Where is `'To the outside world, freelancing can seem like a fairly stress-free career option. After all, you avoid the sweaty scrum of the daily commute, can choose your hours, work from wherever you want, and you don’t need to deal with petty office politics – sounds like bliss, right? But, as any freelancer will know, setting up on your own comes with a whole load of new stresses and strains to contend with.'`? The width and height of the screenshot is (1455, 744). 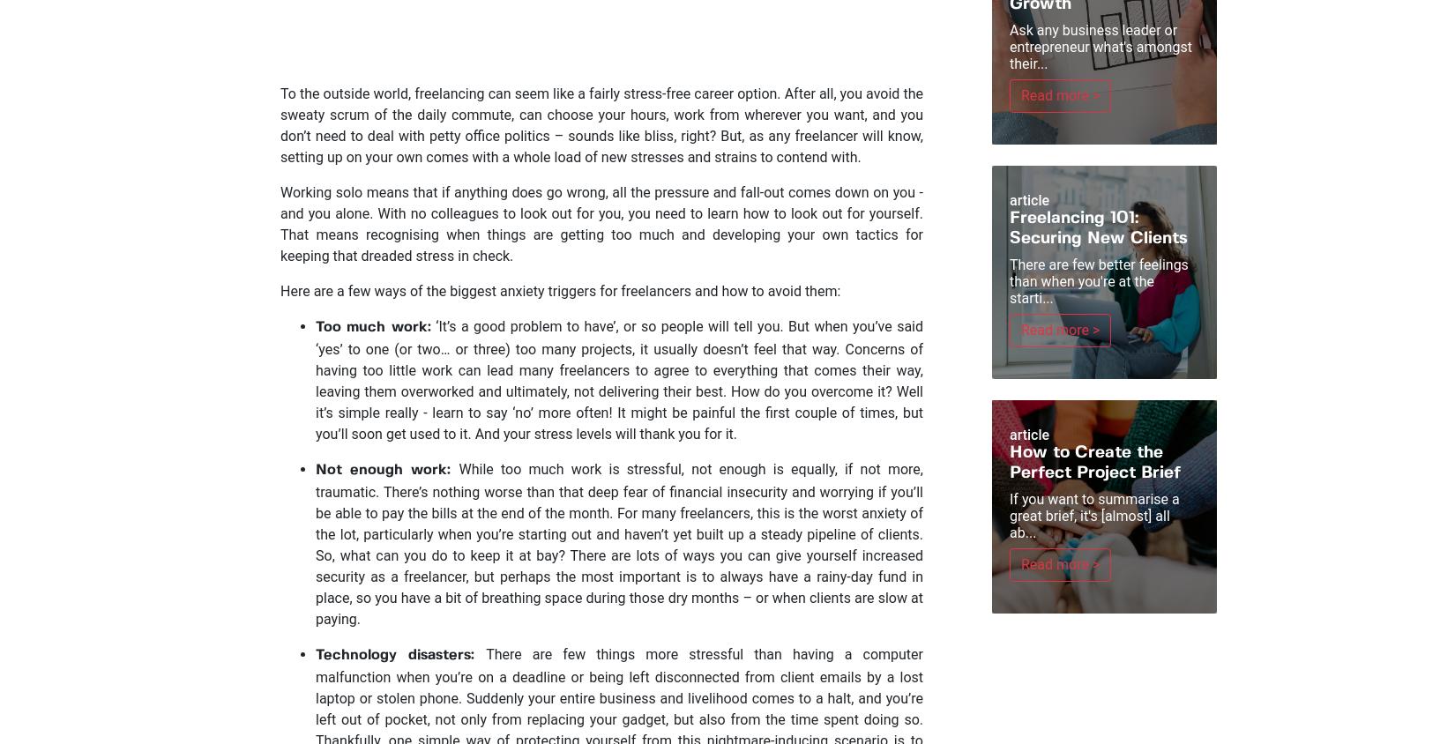
'To the outside world, freelancing can seem like a fairly stress-free career option. After all, you avoid the sweaty scrum of the daily commute, can choose your hours, work from wherever you want, and you don’t need to deal with petty office politics – sounds like bliss, right? But, as any freelancer will know, setting up on your own comes with a whole load of new stresses and strains to contend with.' is located at coordinates (601, 125).